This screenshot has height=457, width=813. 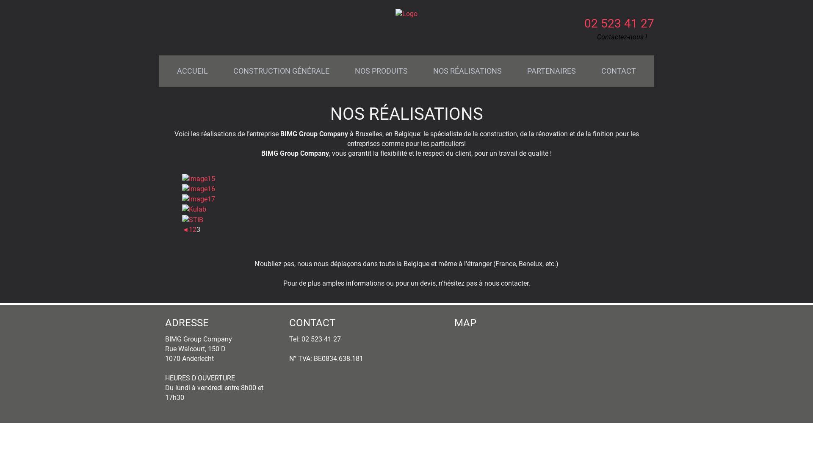 I want to click on 'NOS PRODUITS', so click(x=381, y=71).